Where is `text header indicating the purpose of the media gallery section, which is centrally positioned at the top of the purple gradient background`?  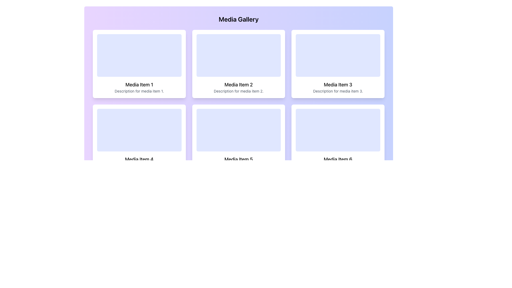 text header indicating the purpose of the media gallery section, which is centrally positioned at the top of the purple gradient background is located at coordinates (238, 19).